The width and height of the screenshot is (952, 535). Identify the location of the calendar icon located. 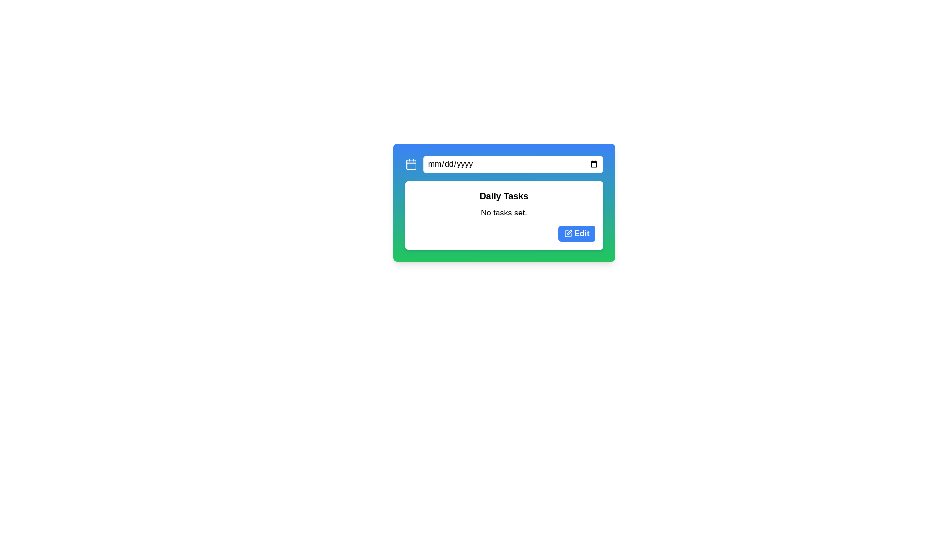
(411, 163).